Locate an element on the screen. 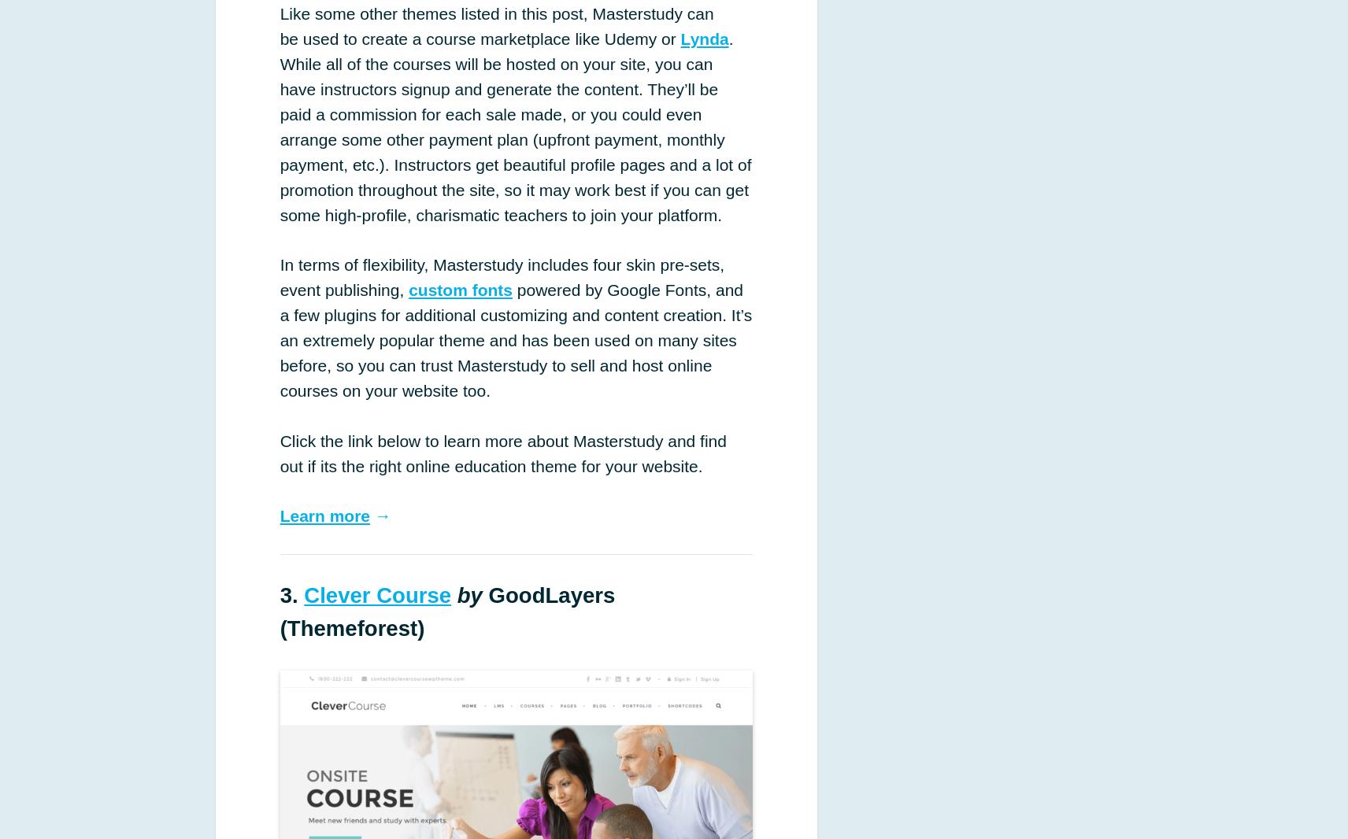 This screenshot has height=839, width=1348. 'by' is located at coordinates (468, 594).